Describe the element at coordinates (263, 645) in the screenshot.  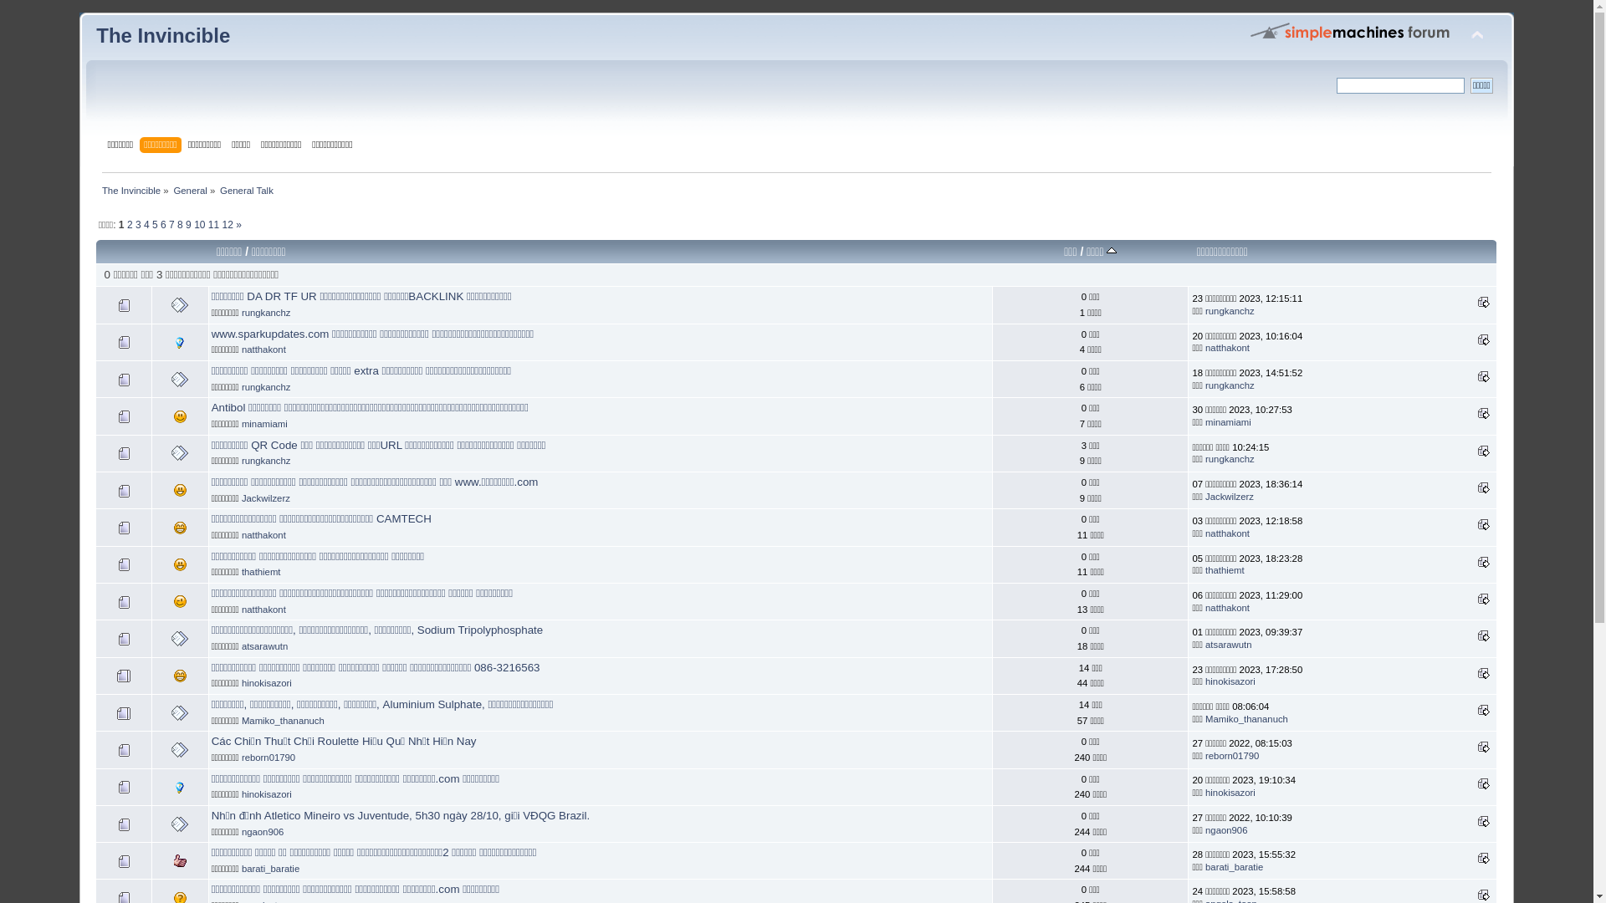
I see `'atsarawutn'` at that location.